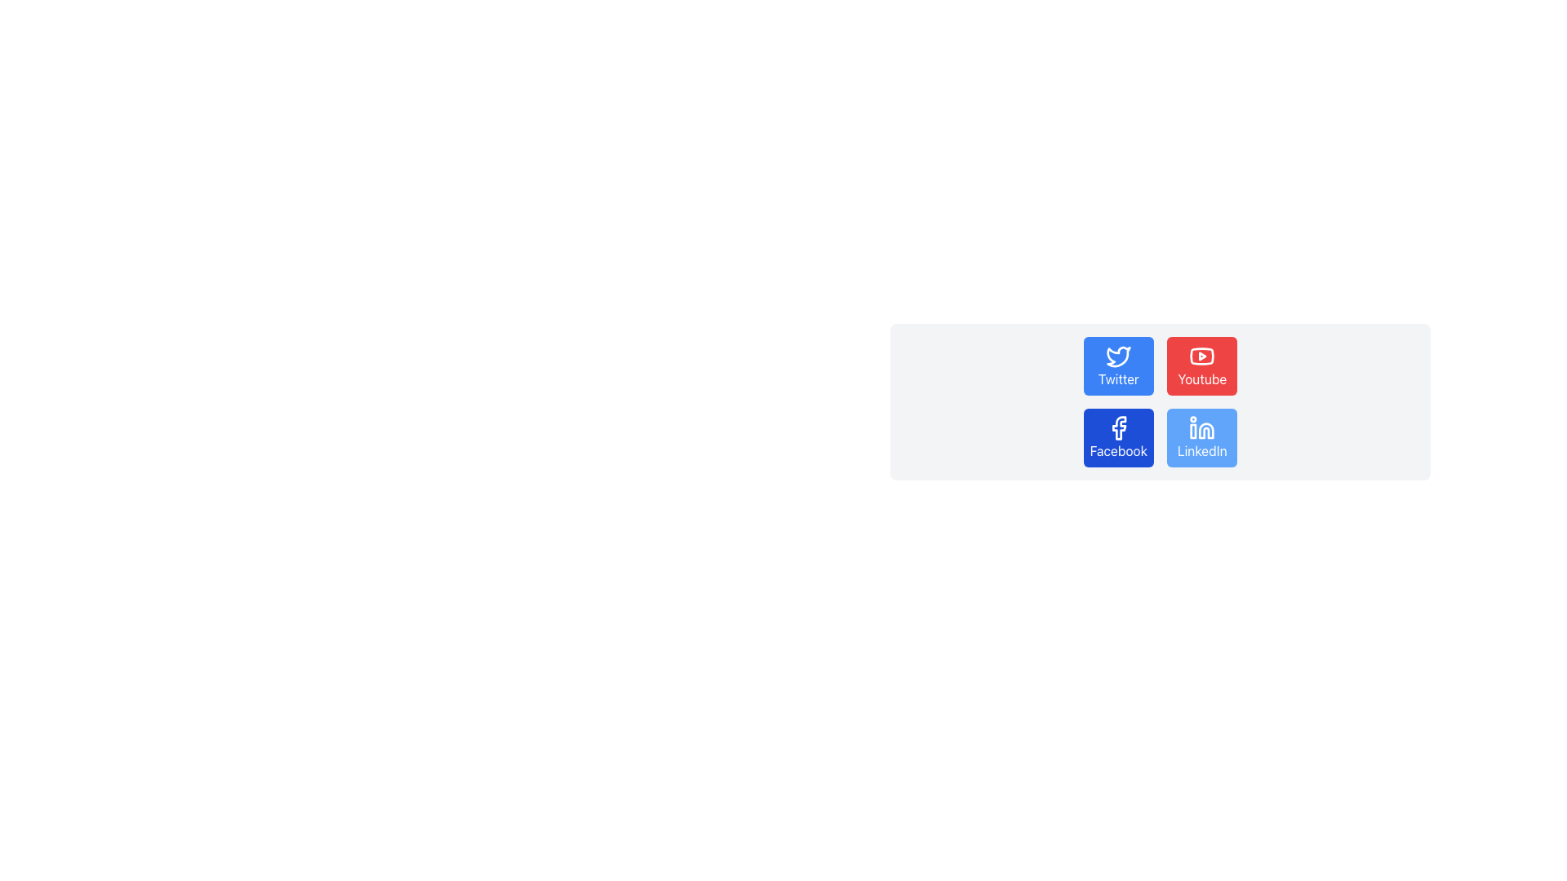 This screenshot has height=881, width=1567. I want to click on the LinkedIn icon located in the bottom-right section of the social media icons grid, so click(1202, 427).